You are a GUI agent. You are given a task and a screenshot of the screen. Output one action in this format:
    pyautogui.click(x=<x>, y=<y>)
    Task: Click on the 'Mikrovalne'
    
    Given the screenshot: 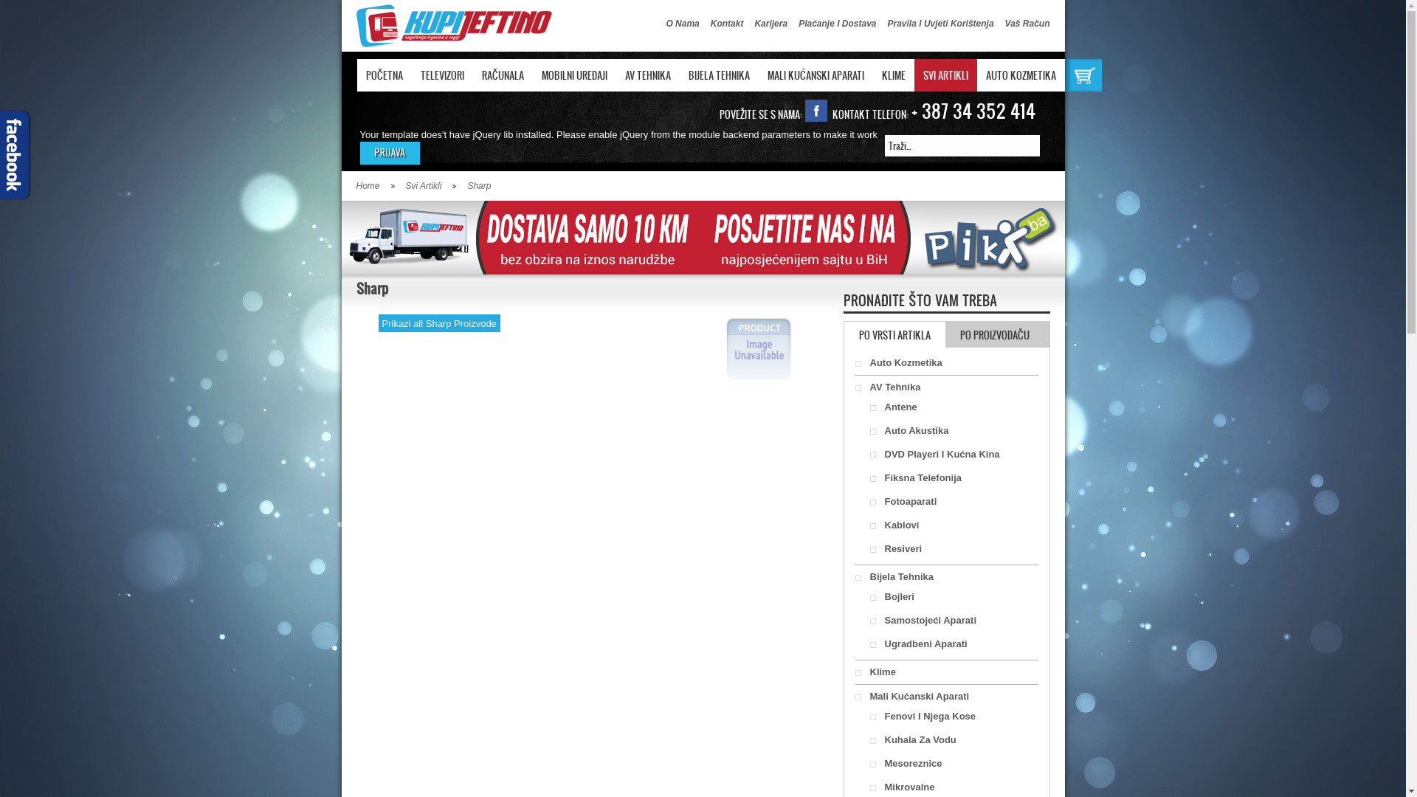 What is the action you would take?
    pyautogui.click(x=953, y=787)
    